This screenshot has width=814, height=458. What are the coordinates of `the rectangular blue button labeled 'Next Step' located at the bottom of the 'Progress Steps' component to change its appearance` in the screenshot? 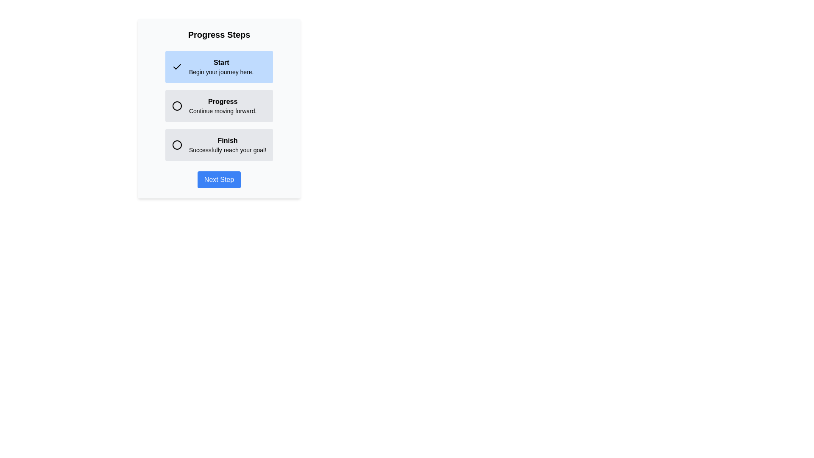 It's located at (219, 179).